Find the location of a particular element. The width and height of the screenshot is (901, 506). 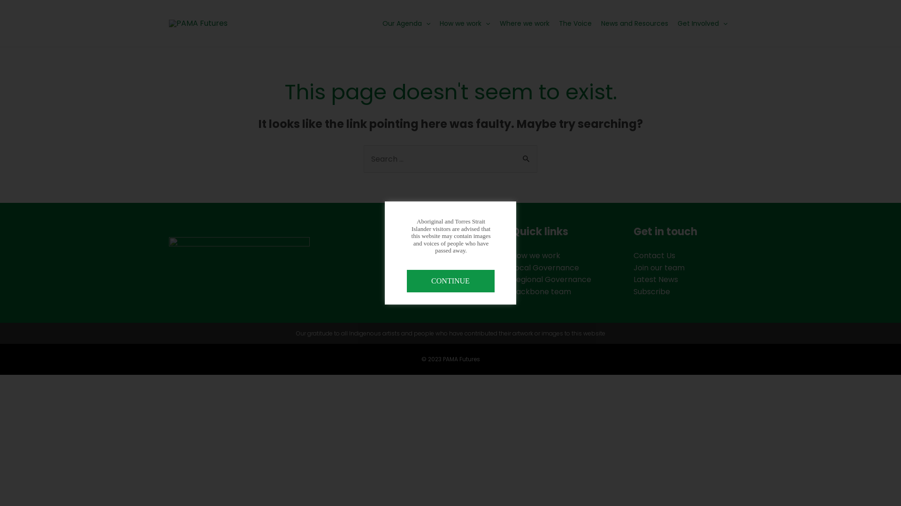

'Backbone team' is located at coordinates (541, 291).